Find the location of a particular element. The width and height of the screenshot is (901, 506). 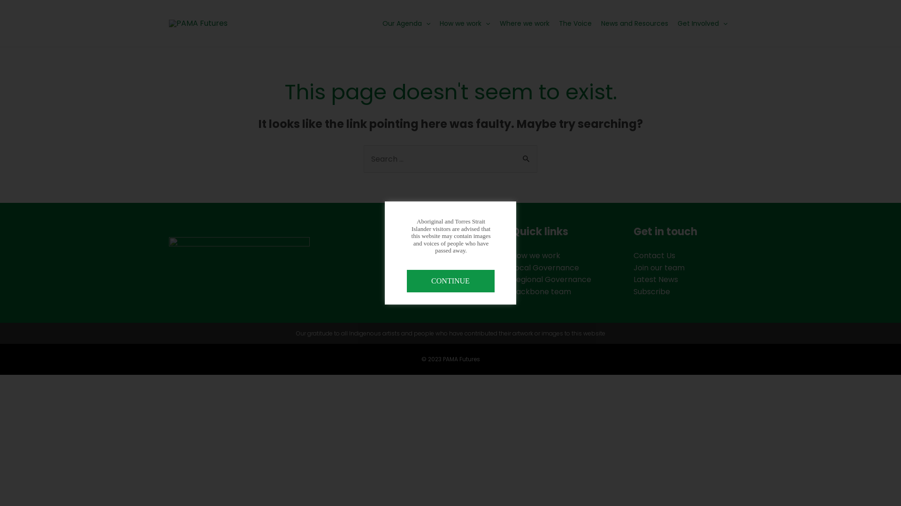

'Backbone team' is located at coordinates (541, 291).